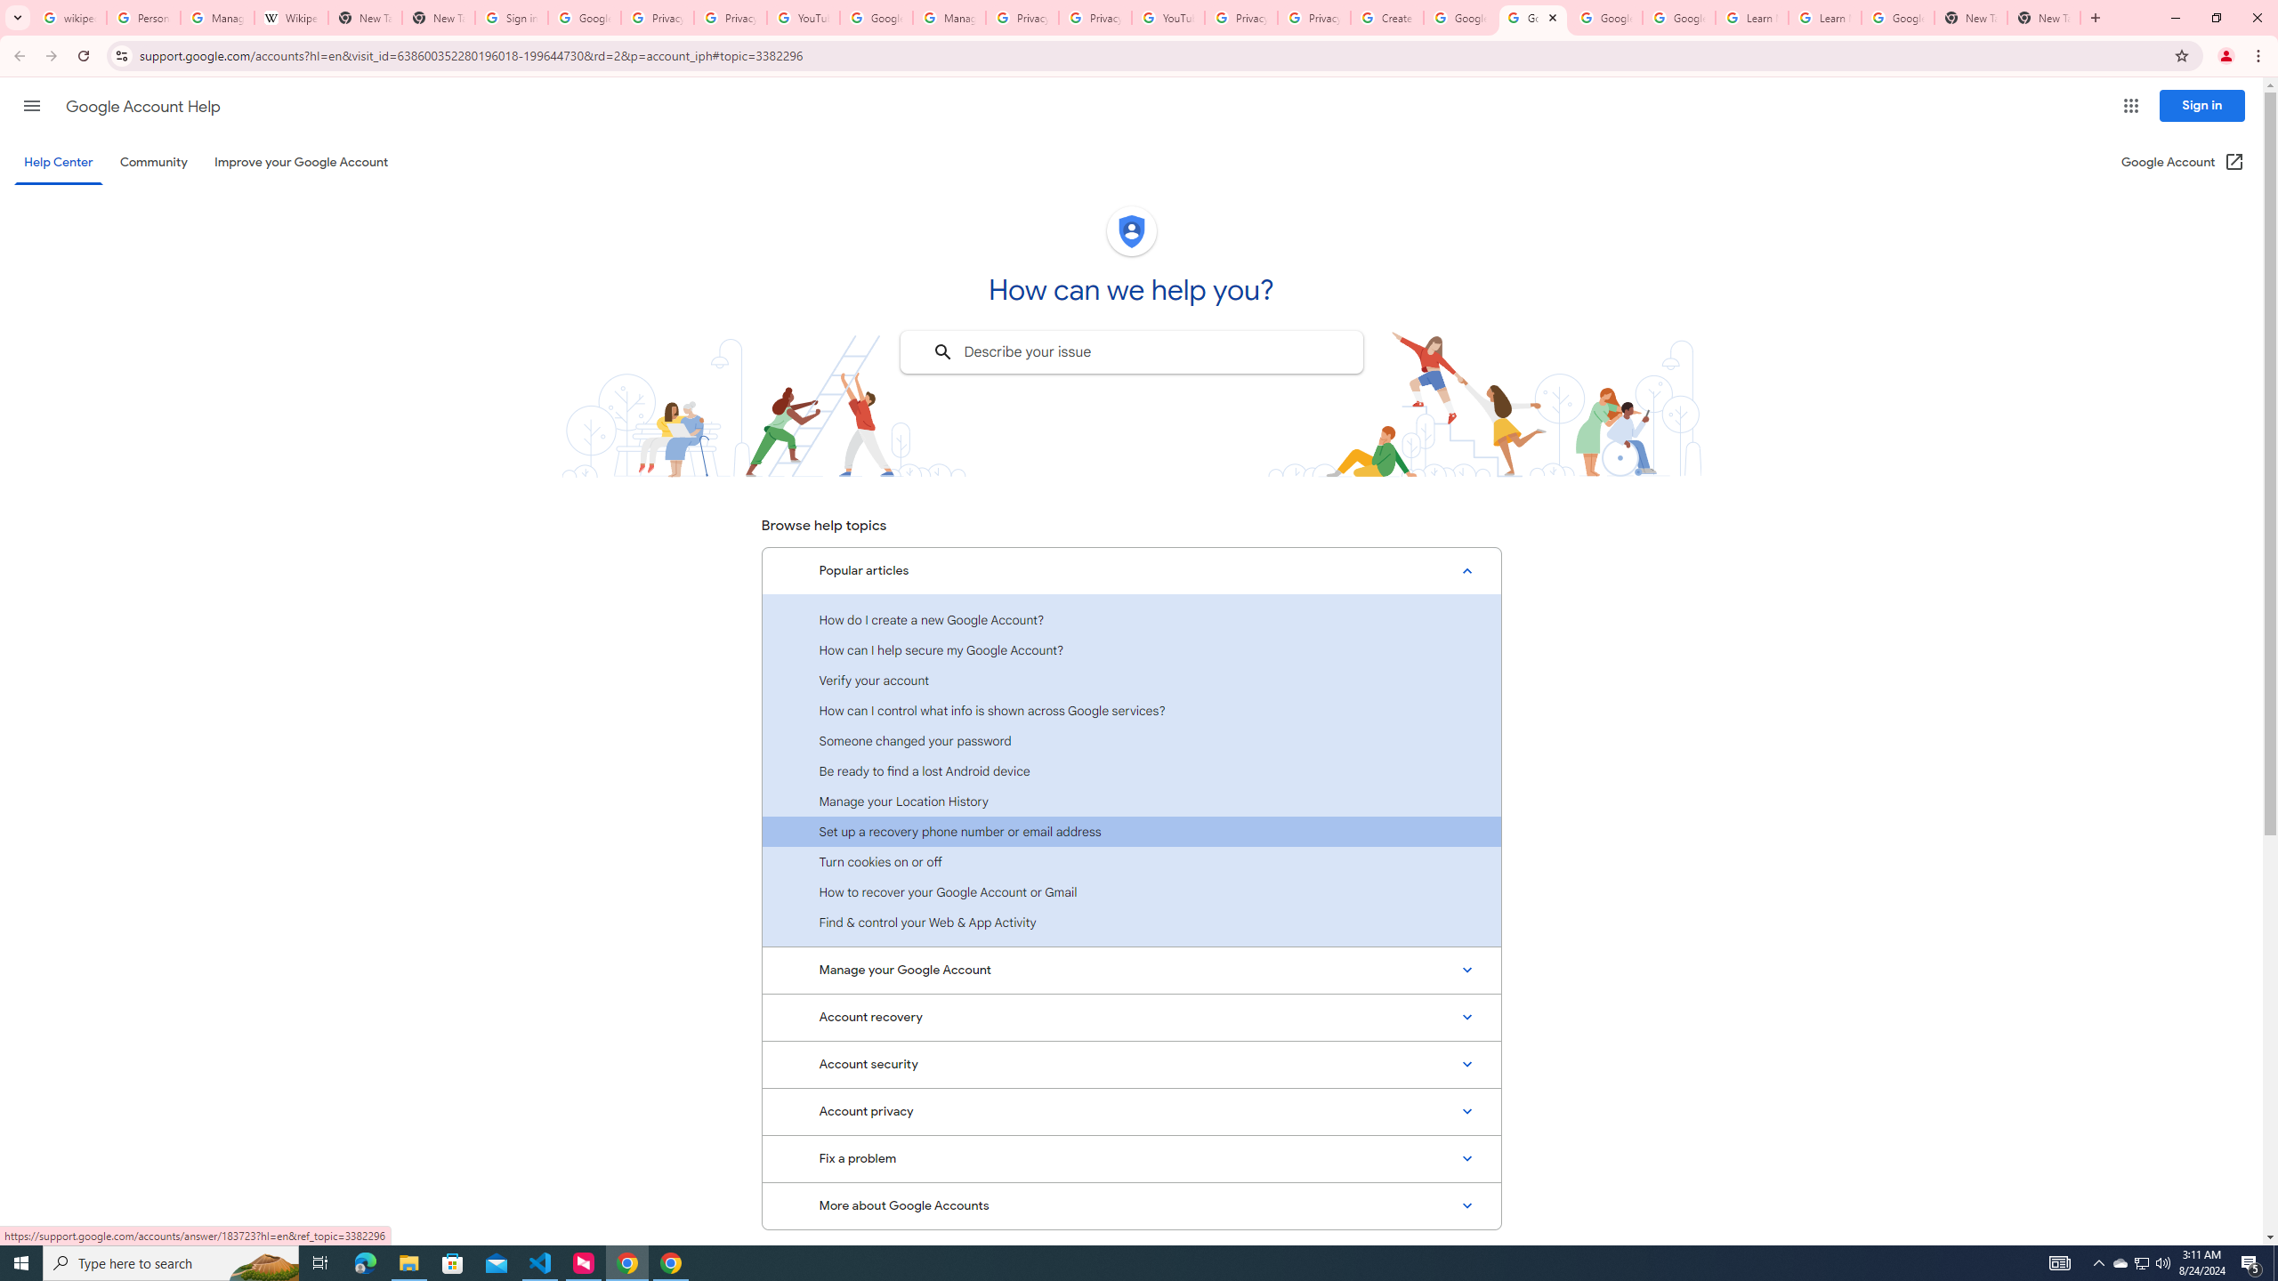 The height and width of the screenshot is (1281, 2278). What do you see at coordinates (1131, 891) in the screenshot?
I see `'How to recover your Google Account or Gmail'` at bounding box center [1131, 891].